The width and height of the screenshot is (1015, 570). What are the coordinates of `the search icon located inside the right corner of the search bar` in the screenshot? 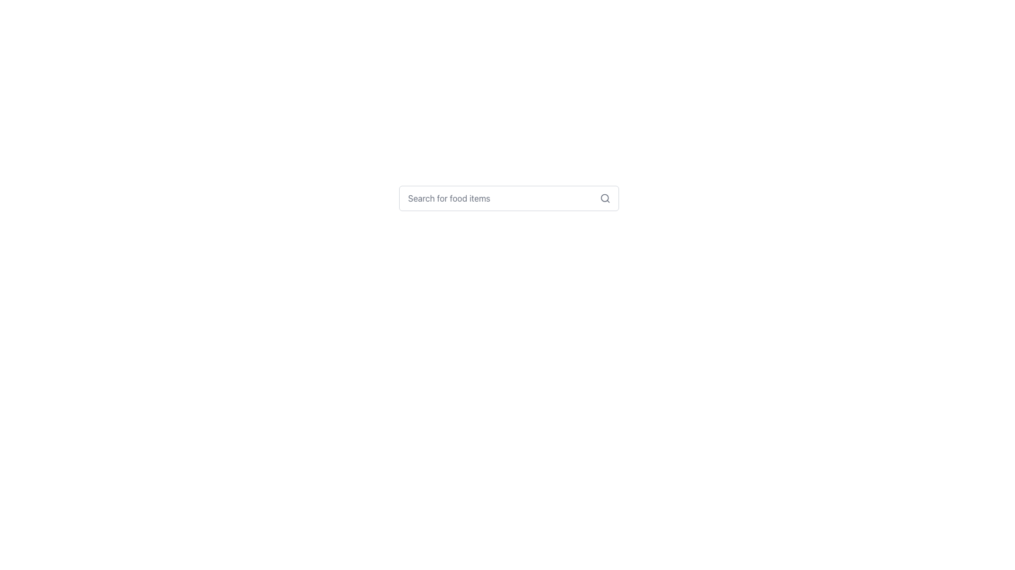 It's located at (605, 198).